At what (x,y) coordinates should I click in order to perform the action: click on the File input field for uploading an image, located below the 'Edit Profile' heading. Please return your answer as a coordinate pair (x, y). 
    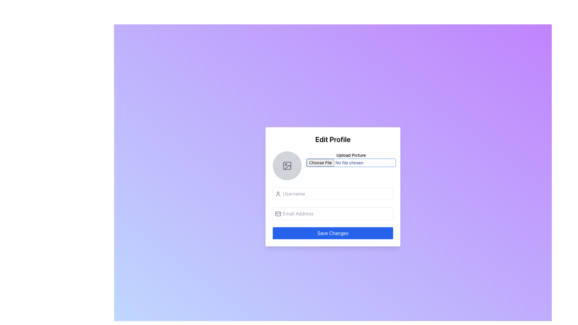
    Looking at the image, I should click on (332, 166).